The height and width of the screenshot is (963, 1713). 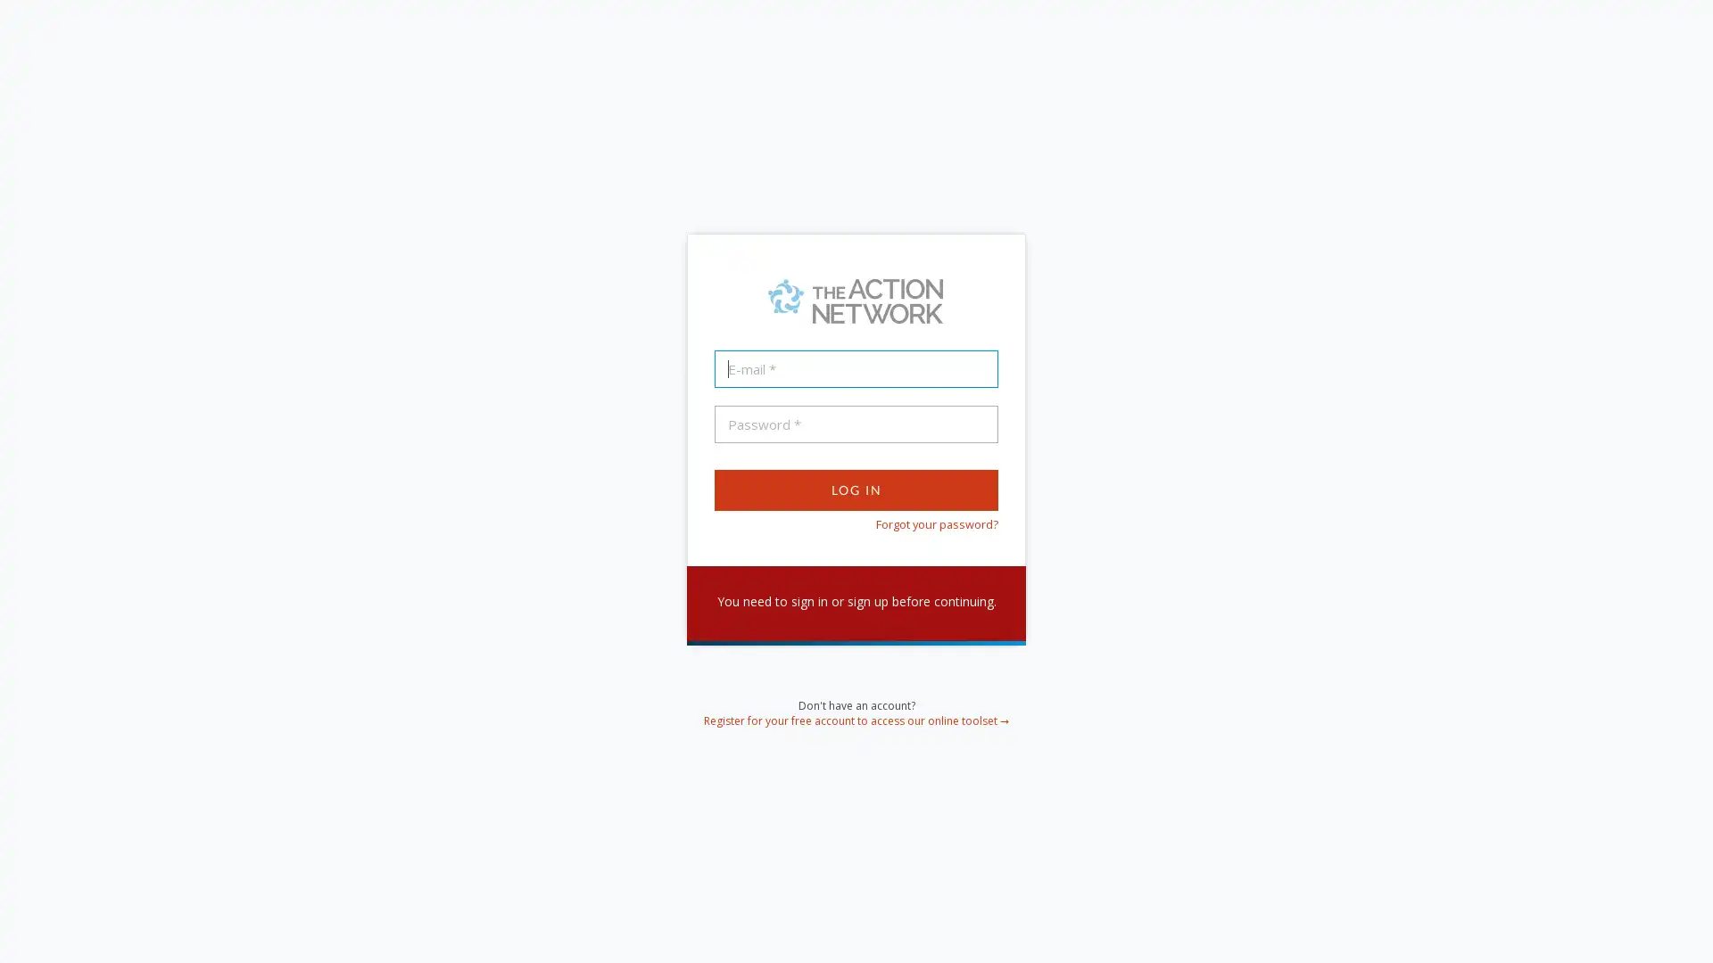 I want to click on Log In, so click(x=856, y=490).